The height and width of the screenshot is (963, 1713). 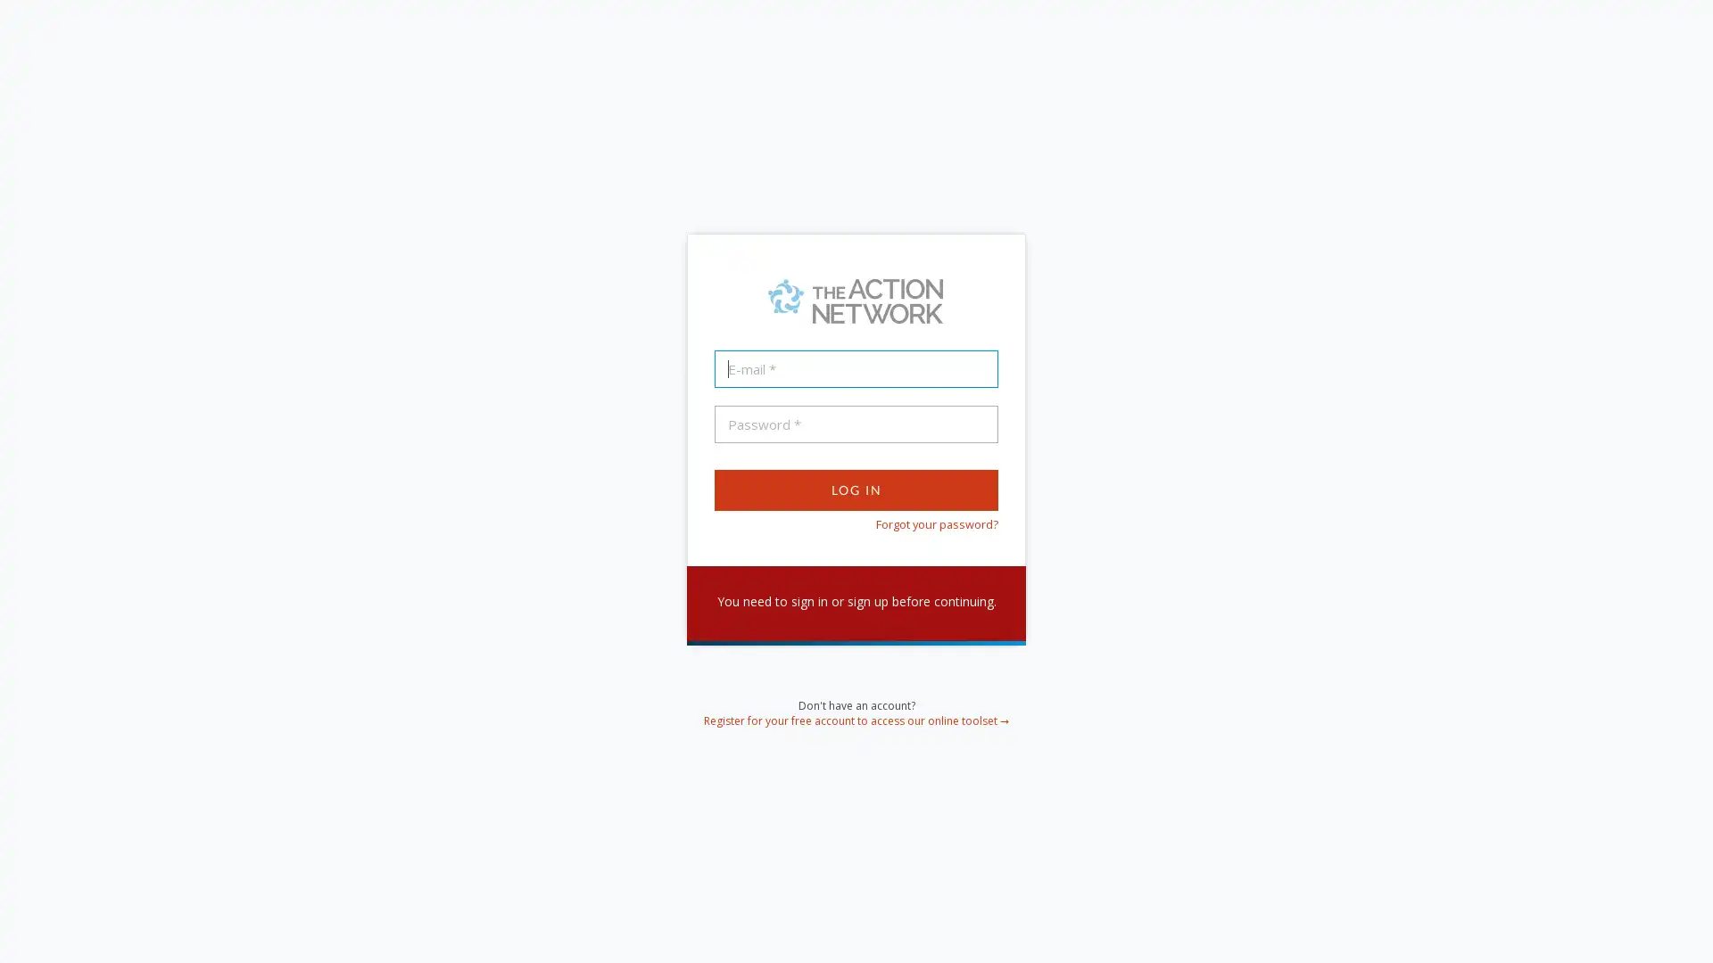 I want to click on Log In, so click(x=856, y=490).